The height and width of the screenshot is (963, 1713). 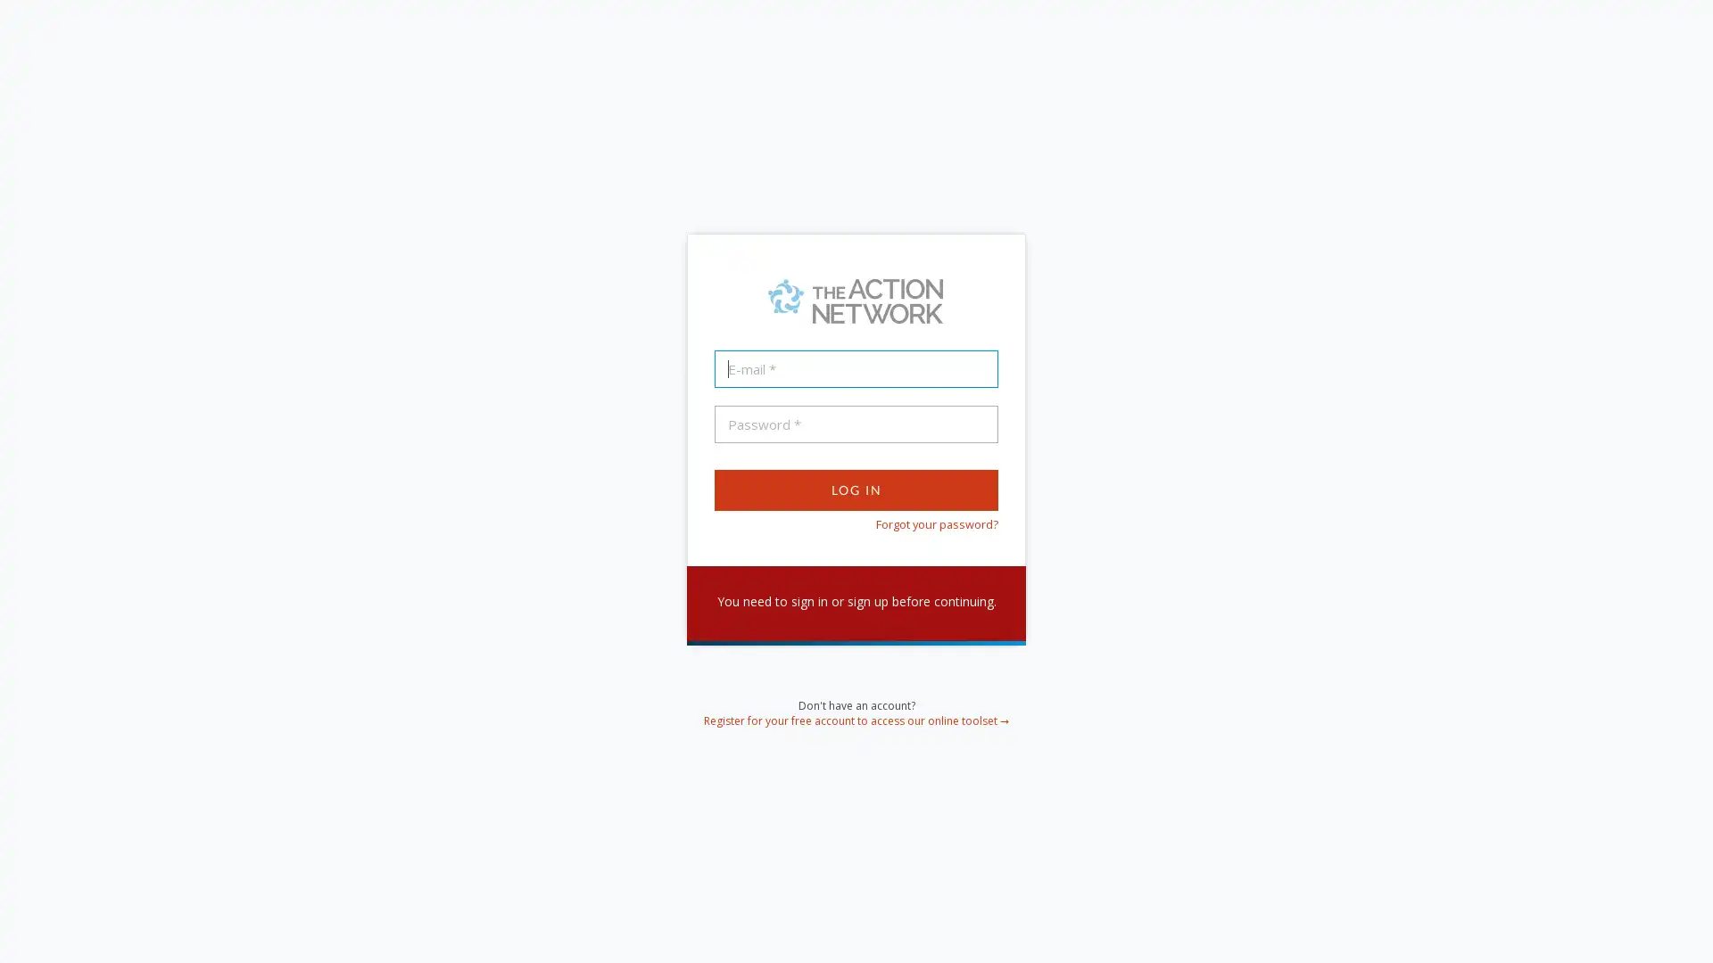 I want to click on Log In, so click(x=856, y=490).